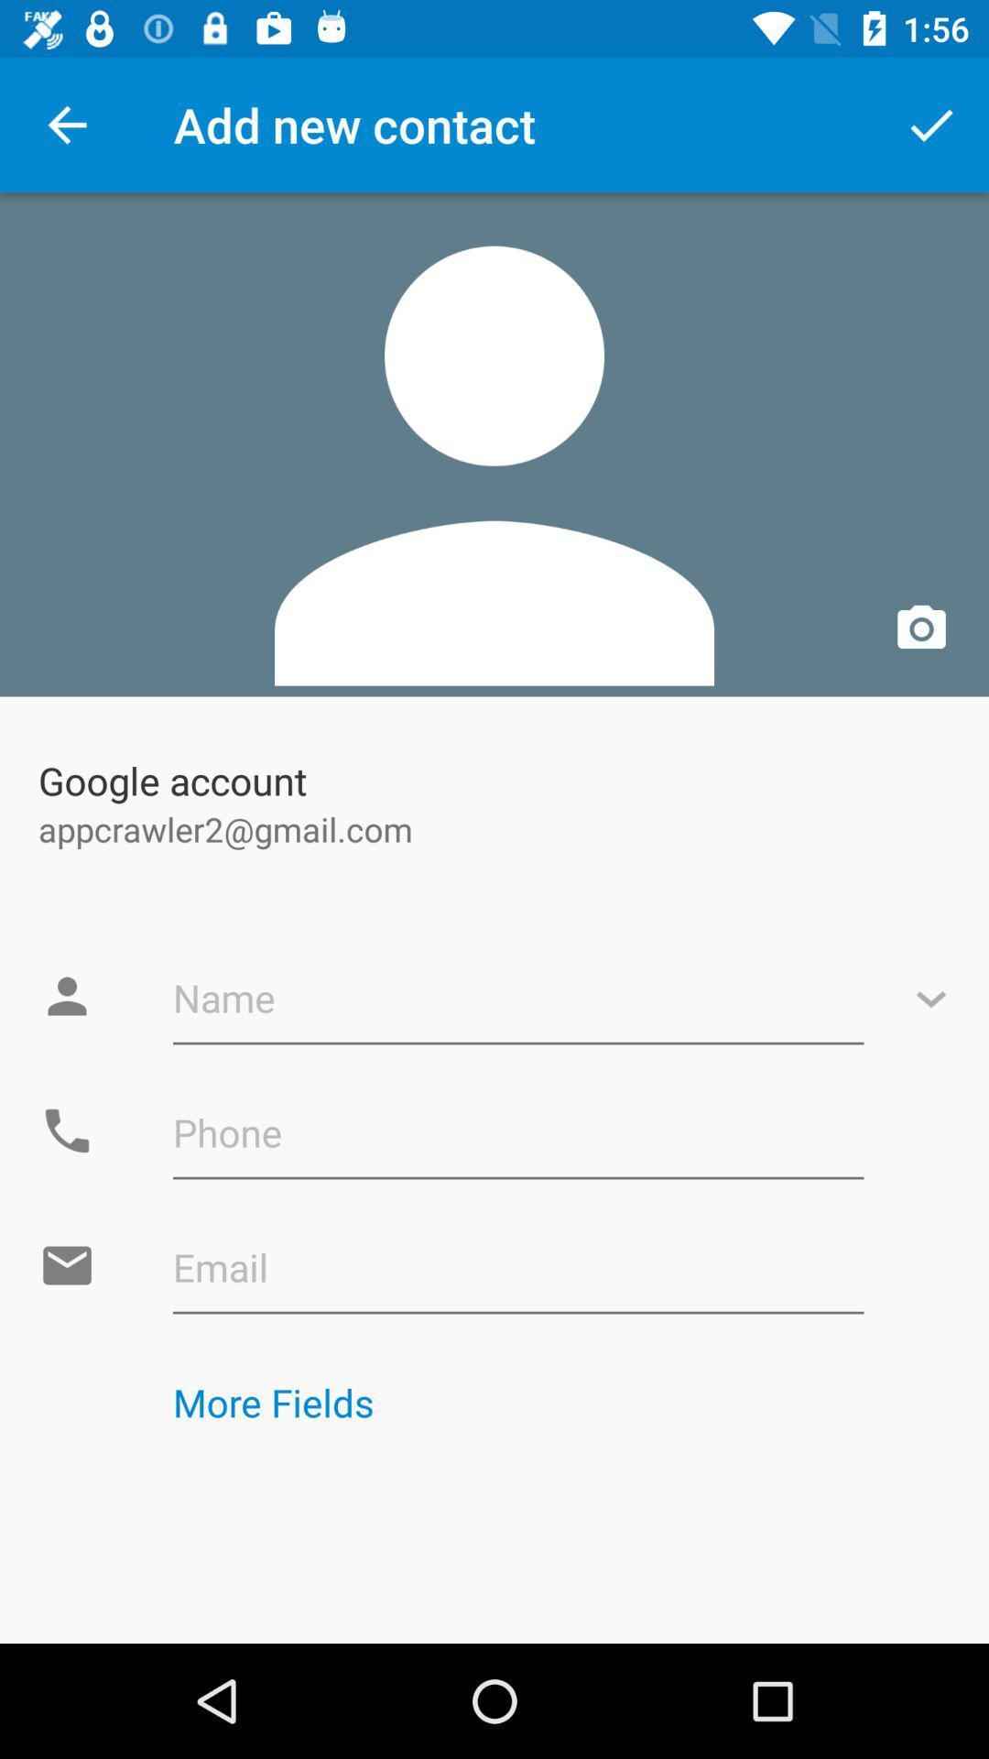 The height and width of the screenshot is (1759, 989). What do you see at coordinates (494, 444) in the screenshot?
I see `app above google account` at bounding box center [494, 444].